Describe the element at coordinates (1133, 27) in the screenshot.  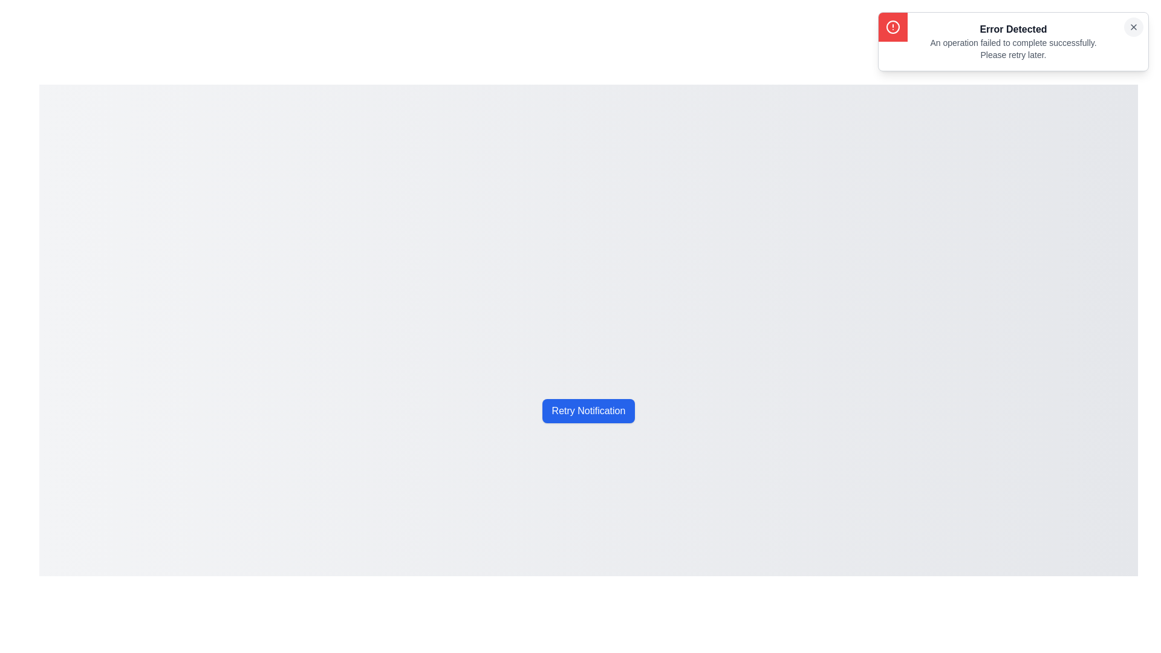
I see `the close button (X) of the notification to dismiss it` at that location.